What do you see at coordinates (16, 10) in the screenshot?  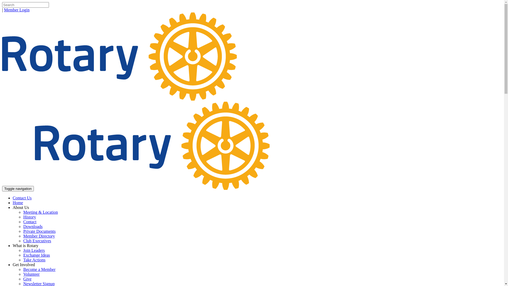 I see `'Member Login'` at bounding box center [16, 10].